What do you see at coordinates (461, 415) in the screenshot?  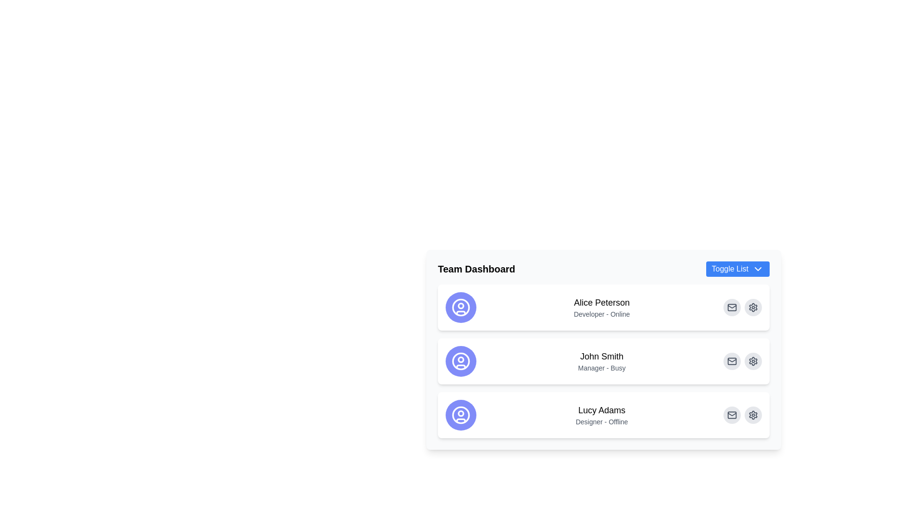 I see `the user profile icon for Lucy Adams, which is a light indigo SVG graphic located in the bottommost row of the Team Dashboard section` at bounding box center [461, 415].